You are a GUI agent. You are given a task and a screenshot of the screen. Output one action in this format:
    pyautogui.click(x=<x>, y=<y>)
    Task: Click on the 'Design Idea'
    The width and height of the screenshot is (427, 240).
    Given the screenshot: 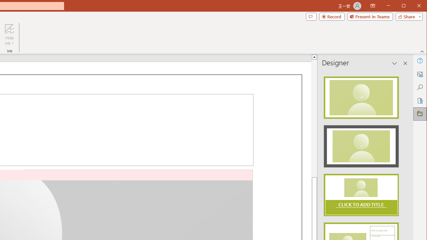 What is the action you would take?
    pyautogui.click(x=361, y=193)
    